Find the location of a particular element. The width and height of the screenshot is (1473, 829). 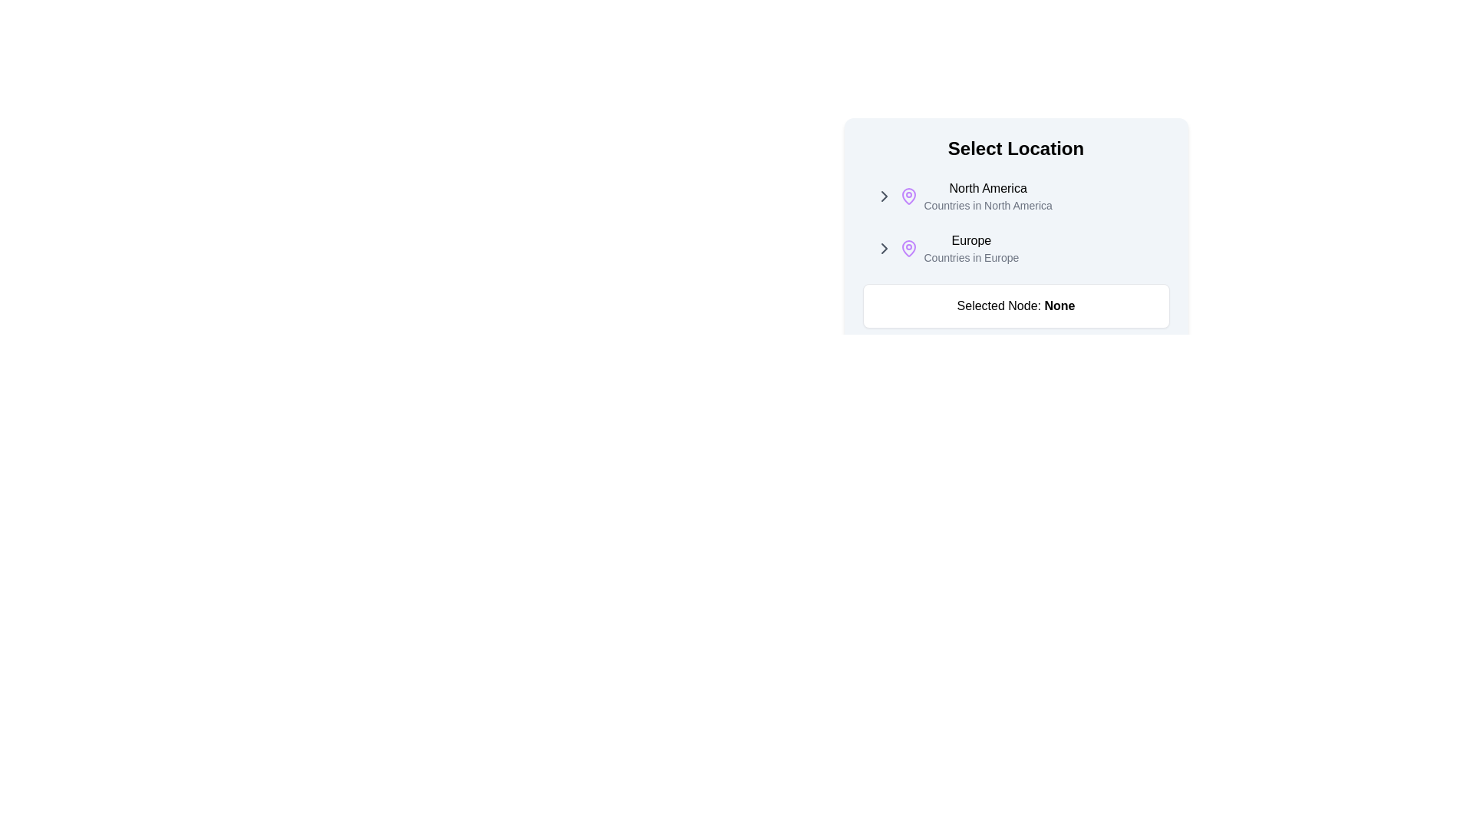

the list item containing the text 'Europe' is located at coordinates (1016, 248).